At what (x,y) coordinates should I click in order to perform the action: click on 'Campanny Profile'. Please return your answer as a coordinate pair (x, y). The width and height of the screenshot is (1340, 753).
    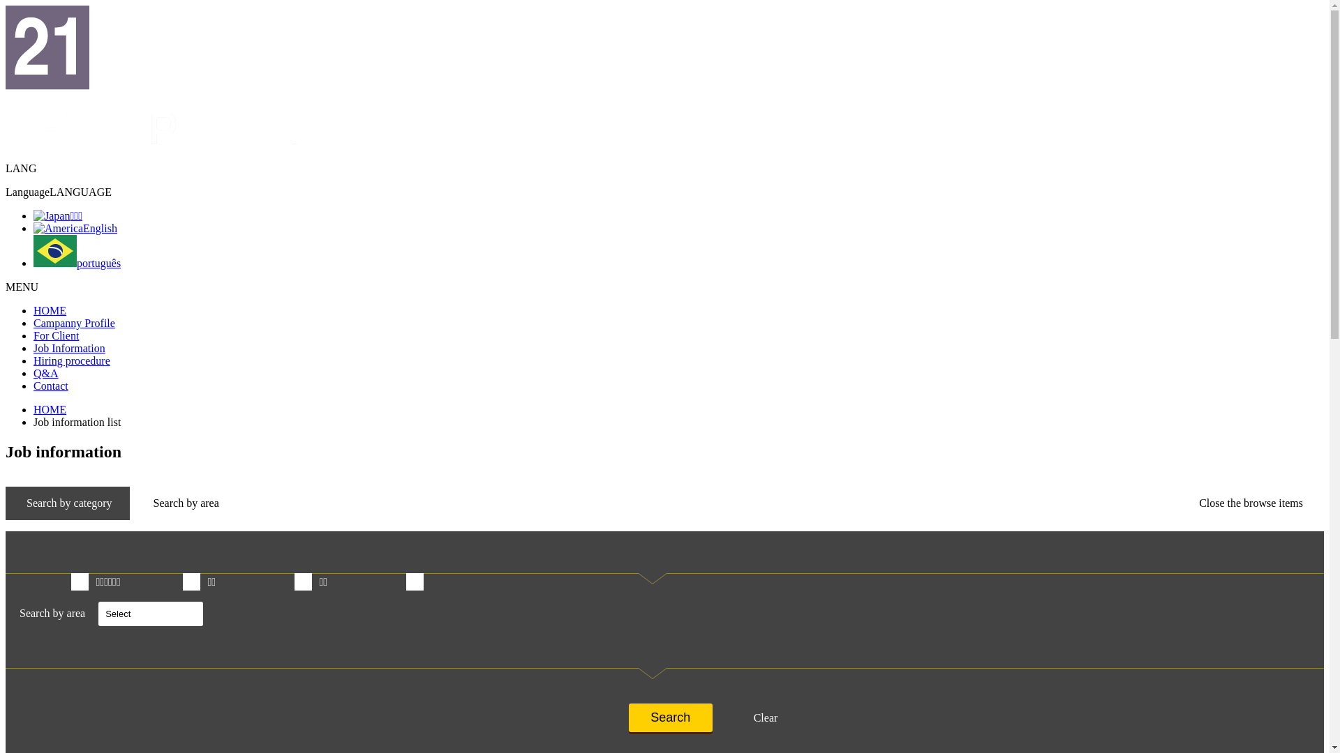
    Looking at the image, I should click on (73, 323).